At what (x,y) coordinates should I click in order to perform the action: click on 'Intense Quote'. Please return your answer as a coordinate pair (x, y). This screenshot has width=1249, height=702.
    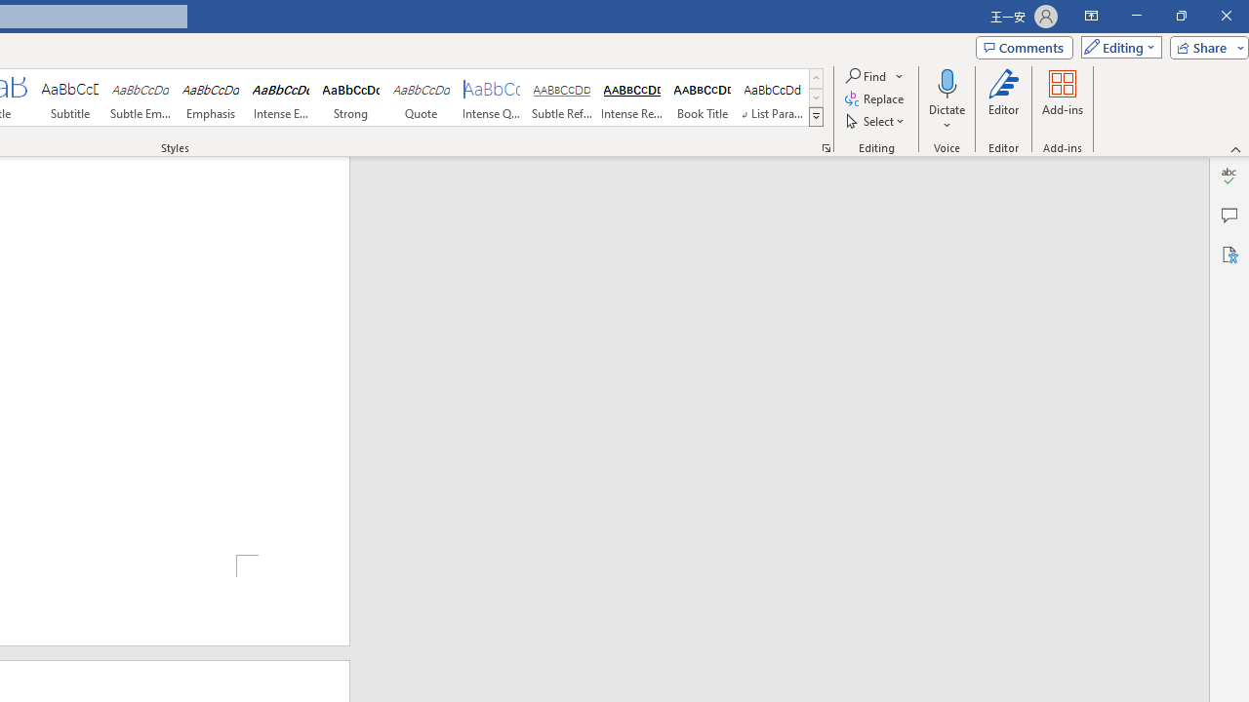
    Looking at the image, I should click on (492, 97).